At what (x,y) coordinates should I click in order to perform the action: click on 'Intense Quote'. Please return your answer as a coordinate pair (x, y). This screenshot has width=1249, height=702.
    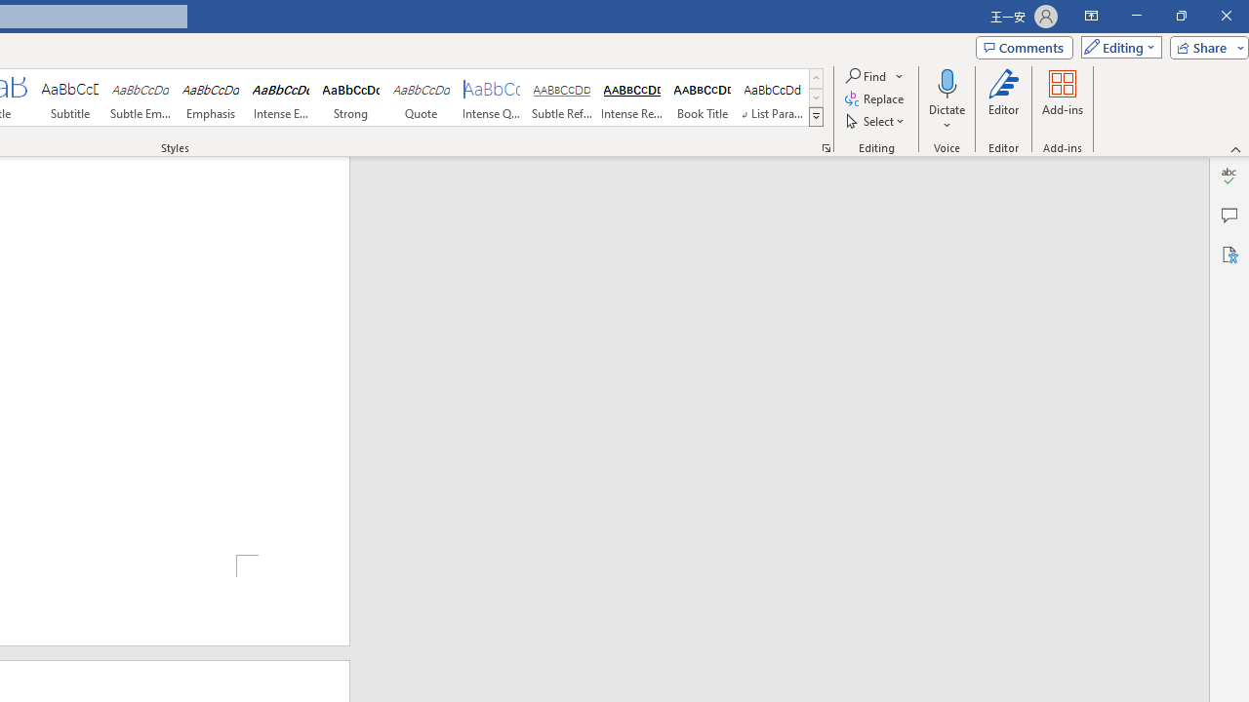
    Looking at the image, I should click on (492, 97).